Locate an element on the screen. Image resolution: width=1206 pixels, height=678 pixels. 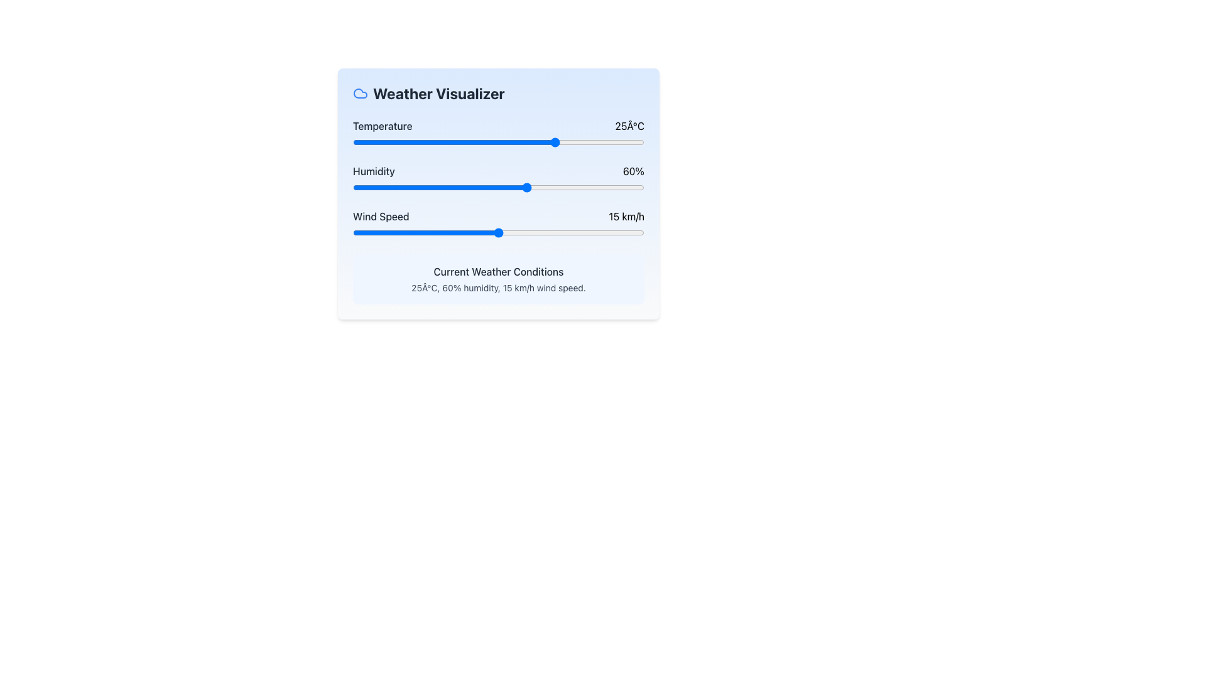
the static label 'Temperature' which provides context for the adjacent temperature value '25°C' in the weather visualization interface is located at coordinates (382, 126).